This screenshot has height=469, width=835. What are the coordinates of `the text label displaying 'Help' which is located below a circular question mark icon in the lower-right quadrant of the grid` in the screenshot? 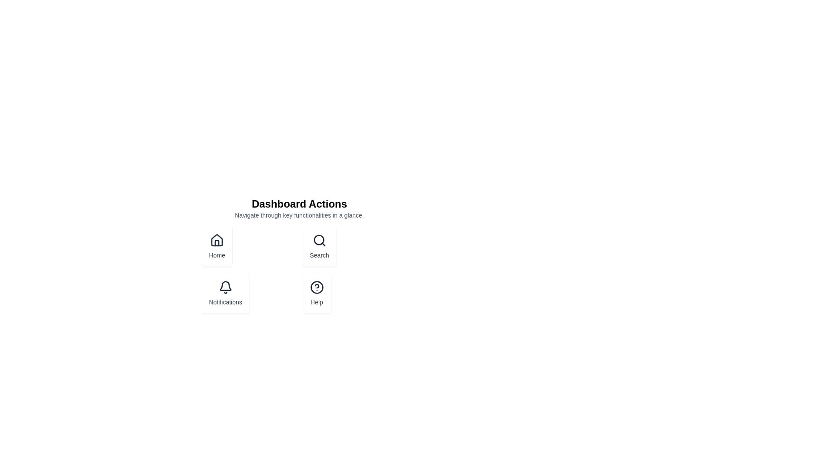 It's located at (316, 301).